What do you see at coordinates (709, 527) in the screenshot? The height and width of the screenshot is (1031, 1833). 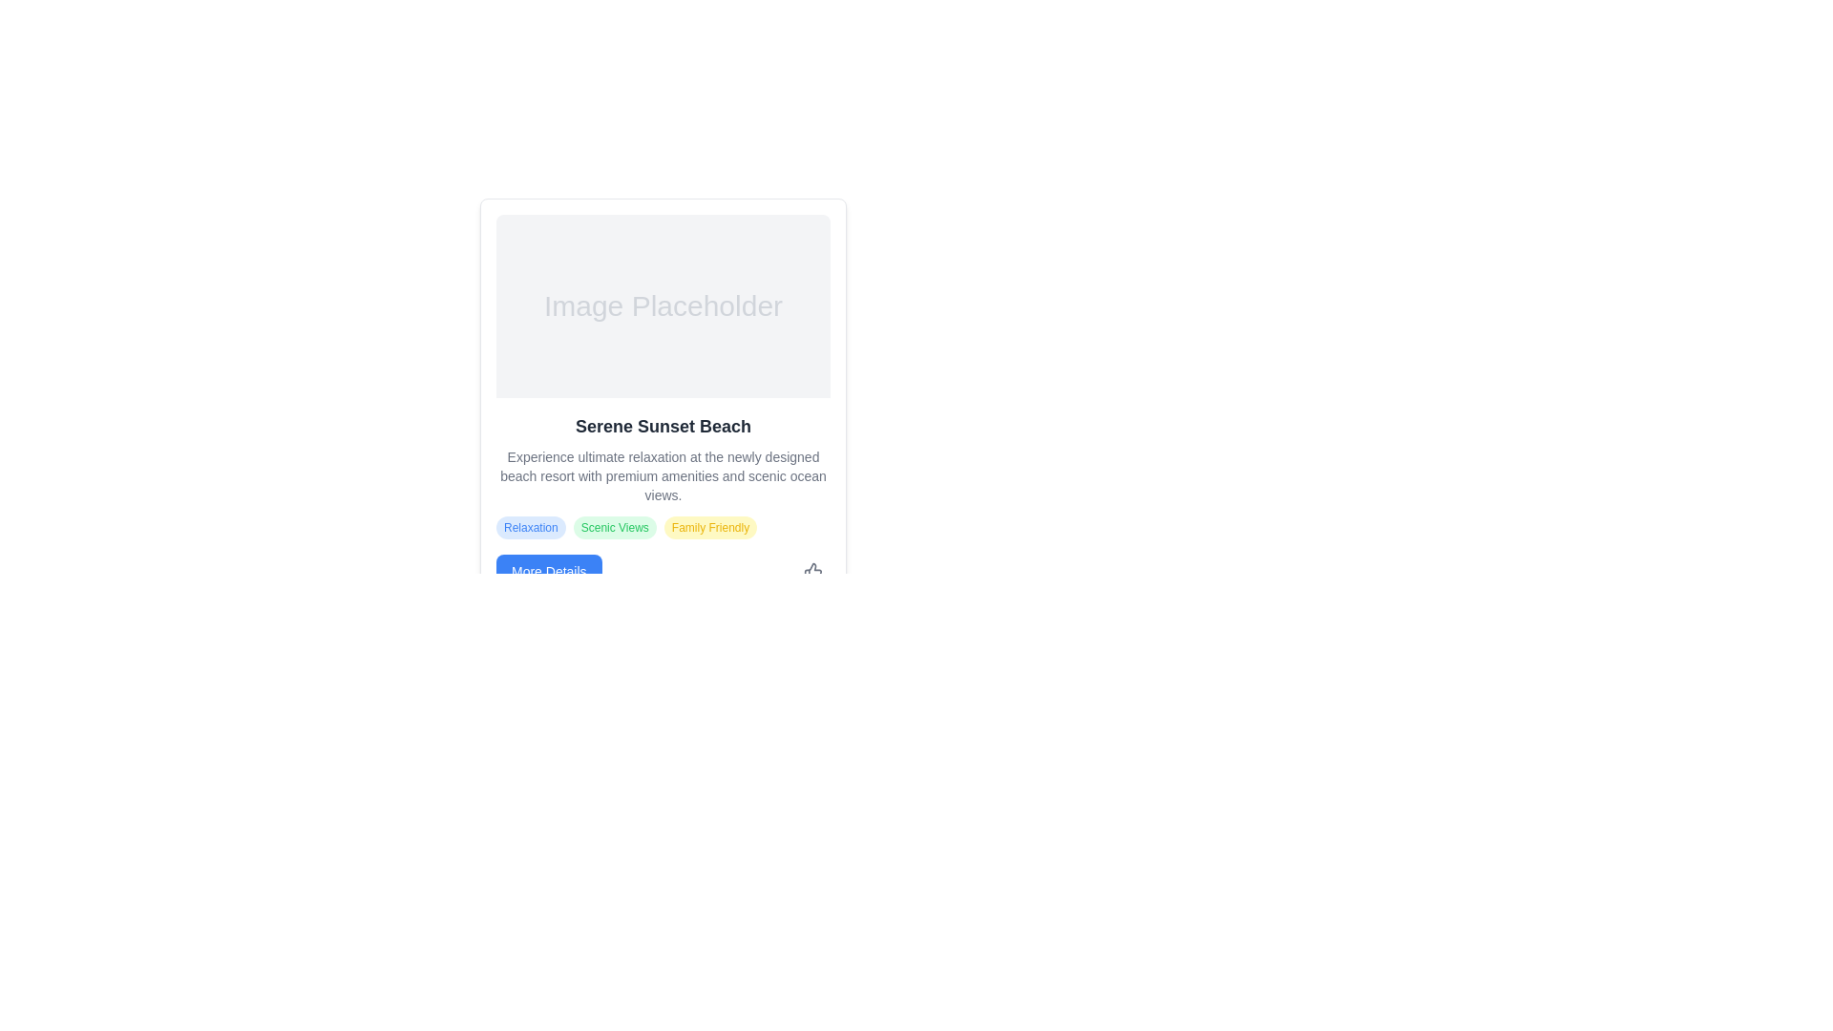 I see `the 'Family Friendly' tag, which is the third item in a horizontal list of descriptive tags under the property section 'Serene Sunset Beach'` at bounding box center [709, 527].